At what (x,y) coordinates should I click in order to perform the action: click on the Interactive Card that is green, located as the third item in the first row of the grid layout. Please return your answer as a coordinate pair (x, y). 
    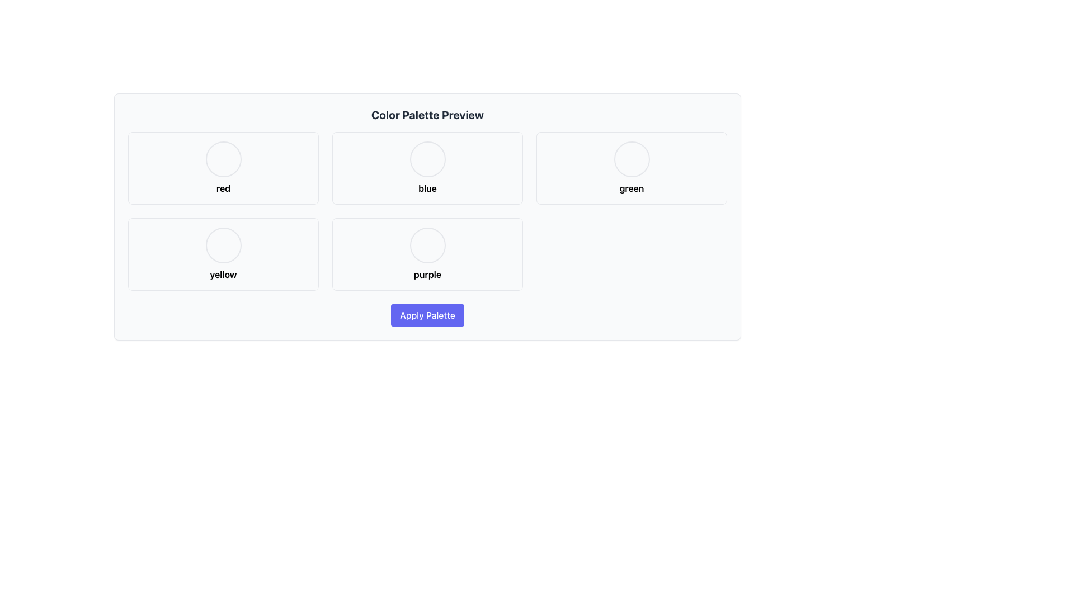
    Looking at the image, I should click on (632, 168).